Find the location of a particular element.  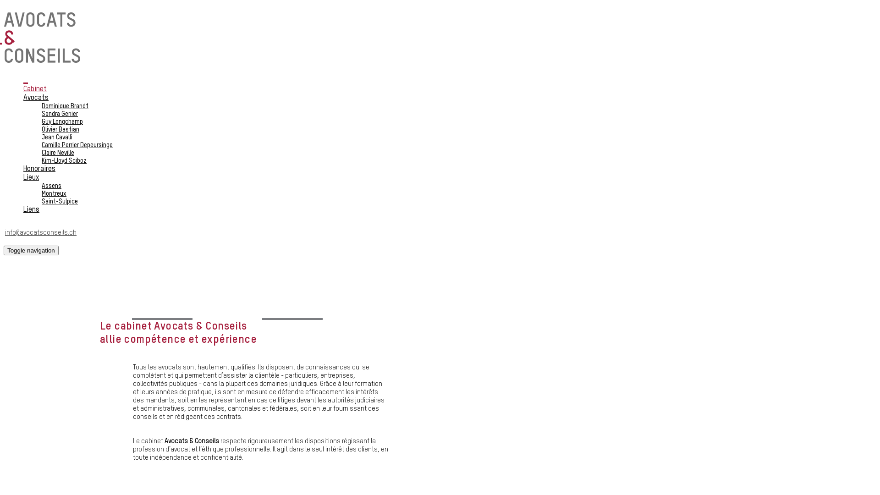

'Cabinet' is located at coordinates (35, 89).